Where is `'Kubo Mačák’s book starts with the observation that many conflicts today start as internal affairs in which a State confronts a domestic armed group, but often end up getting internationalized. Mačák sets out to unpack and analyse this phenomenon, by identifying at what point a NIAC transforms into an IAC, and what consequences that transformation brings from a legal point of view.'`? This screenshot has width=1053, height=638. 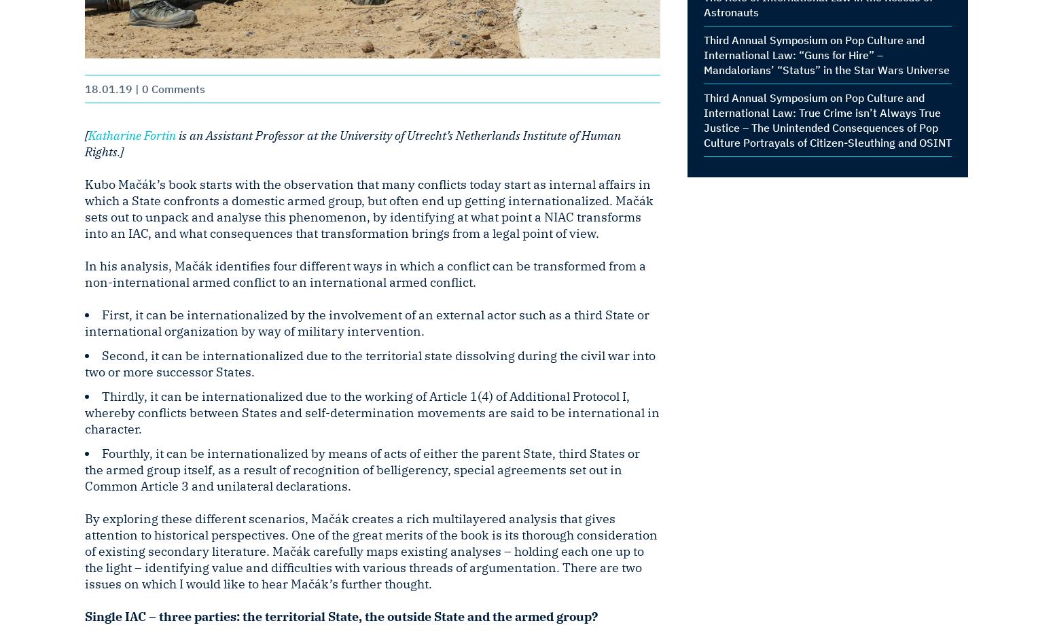
'Kubo Mačák’s book starts with the observation that many conflicts today start as internal affairs in which a State confronts a domestic armed group, but often end up getting internationalized. Mačák sets out to unpack and analyse this phenomenon, by identifying at what point a NIAC transforms into an IAC, and what consequences that transformation brings from a legal point of view.' is located at coordinates (368, 209).